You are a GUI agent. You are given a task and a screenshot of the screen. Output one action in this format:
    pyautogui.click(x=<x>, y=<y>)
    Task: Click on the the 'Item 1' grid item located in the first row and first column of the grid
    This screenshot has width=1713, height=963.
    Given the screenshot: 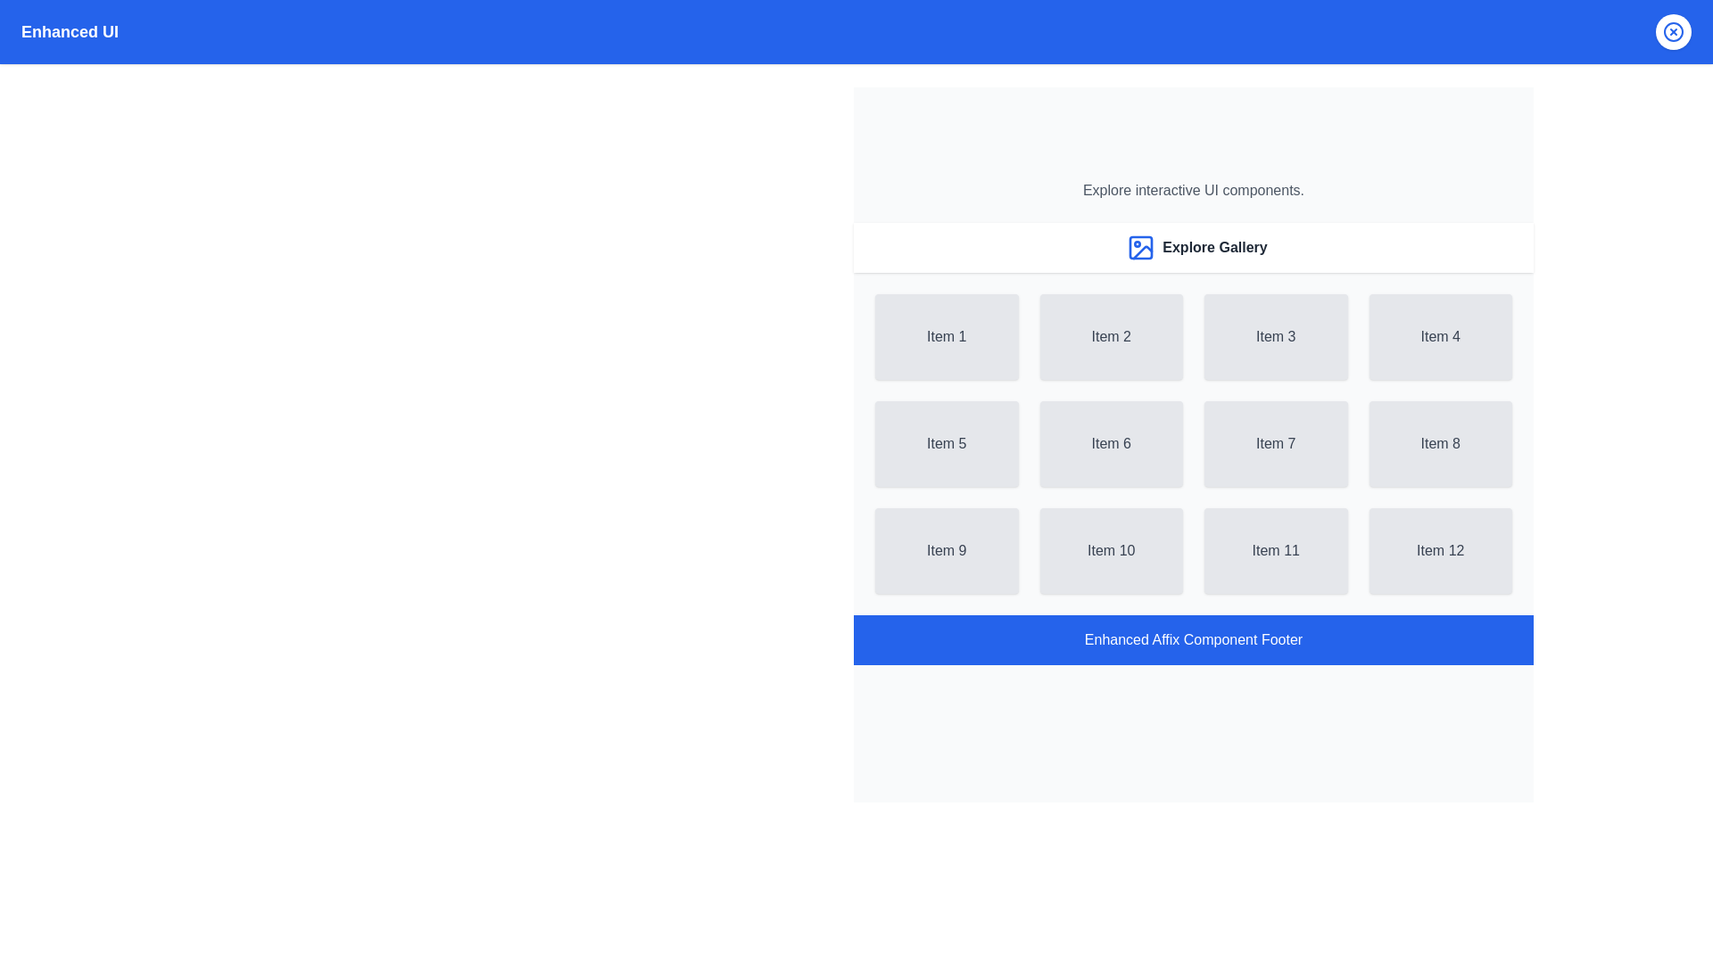 What is the action you would take?
    pyautogui.click(x=946, y=337)
    